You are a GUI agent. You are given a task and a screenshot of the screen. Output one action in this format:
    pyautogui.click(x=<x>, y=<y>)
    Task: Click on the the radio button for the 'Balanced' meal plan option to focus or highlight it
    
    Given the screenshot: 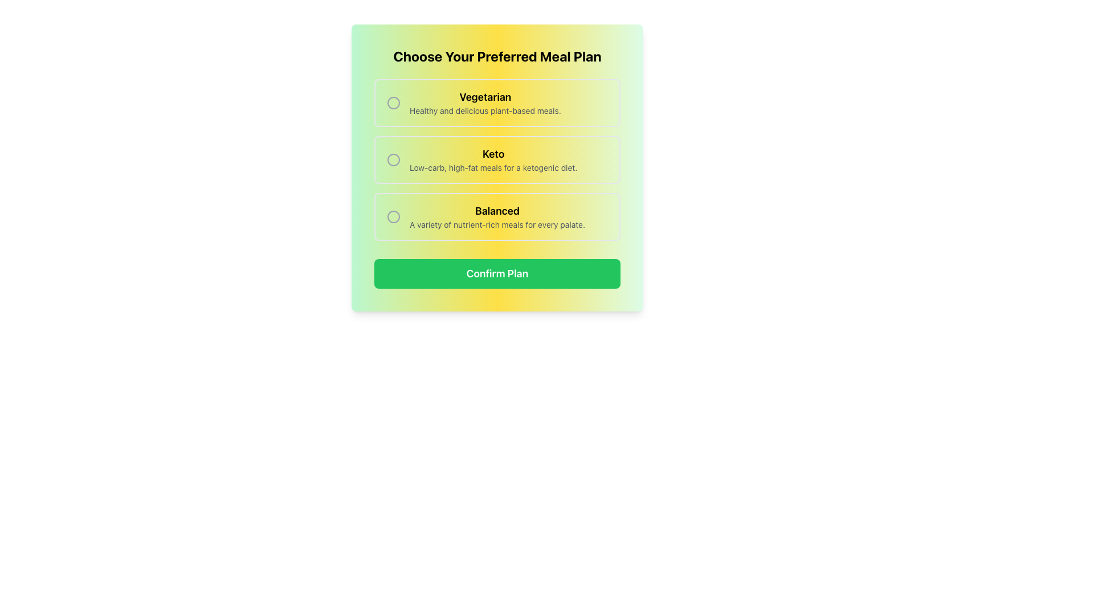 What is the action you would take?
    pyautogui.click(x=394, y=217)
    